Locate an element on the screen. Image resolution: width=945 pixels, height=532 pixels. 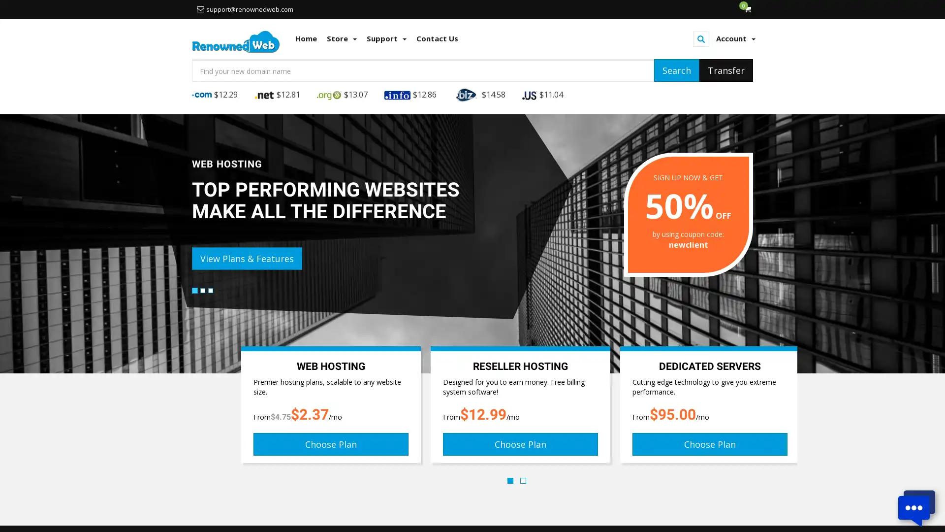
Transfer is located at coordinates (726, 69).